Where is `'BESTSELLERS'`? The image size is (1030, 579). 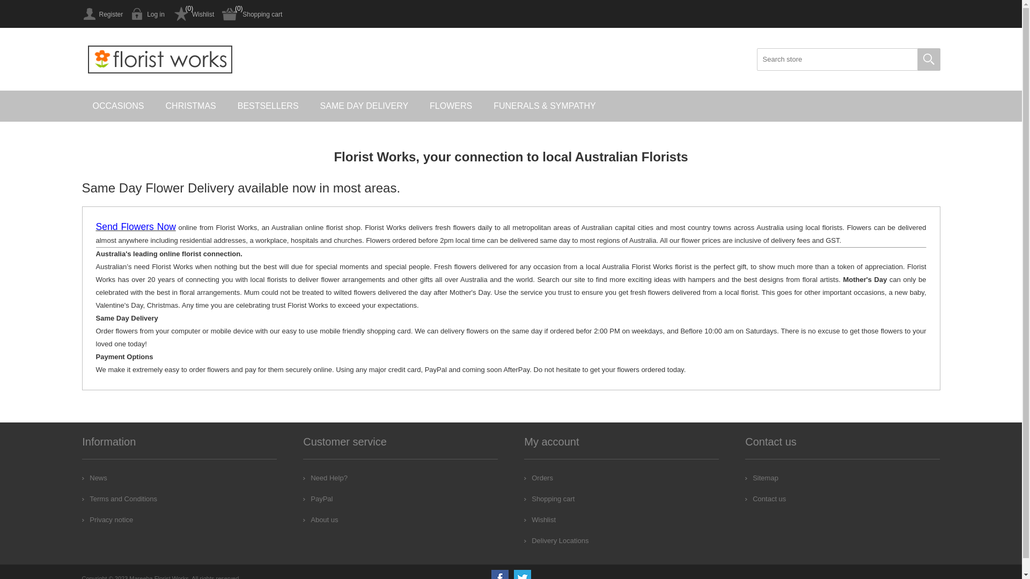 'BESTSELLERS' is located at coordinates (268, 106).